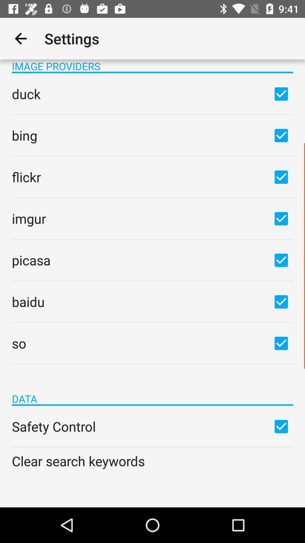 Image resolution: width=305 pixels, height=543 pixels. I want to click on safety control option, so click(281, 426).